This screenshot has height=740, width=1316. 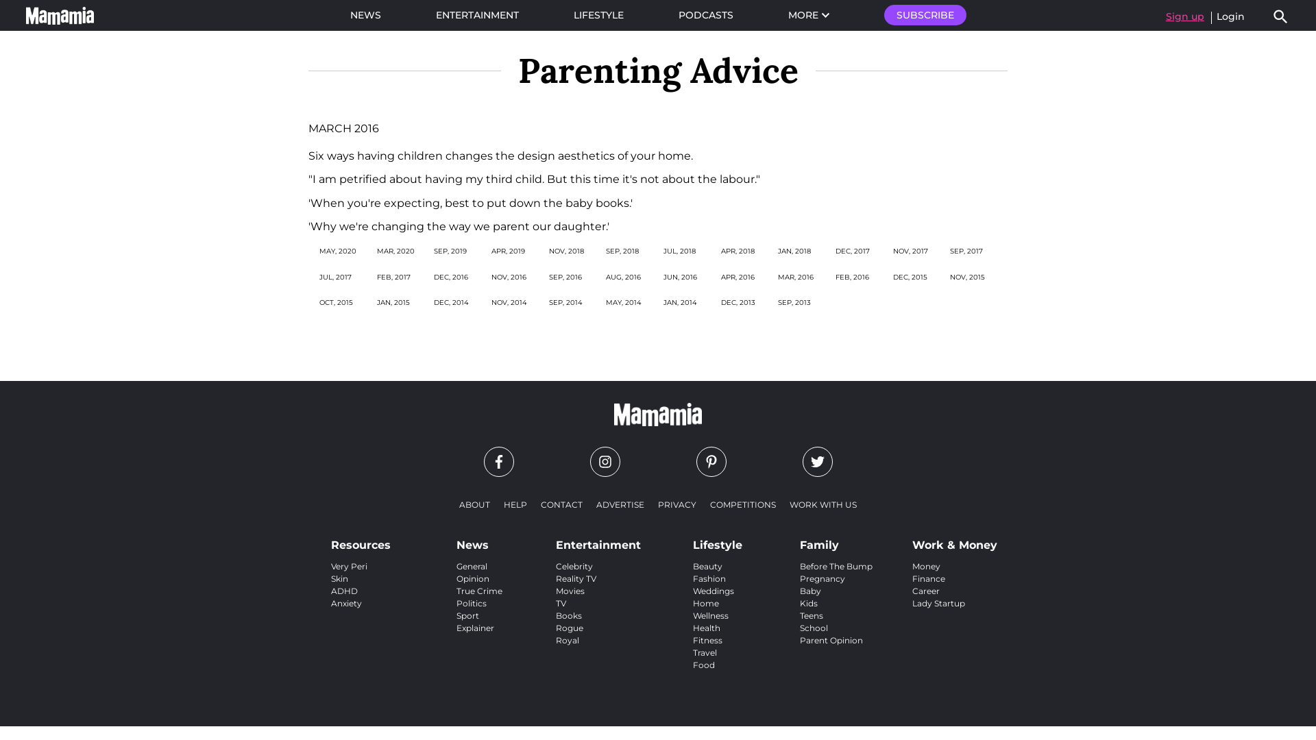 I want to click on 'COMPETITIONS', so click(x=742, y=504).